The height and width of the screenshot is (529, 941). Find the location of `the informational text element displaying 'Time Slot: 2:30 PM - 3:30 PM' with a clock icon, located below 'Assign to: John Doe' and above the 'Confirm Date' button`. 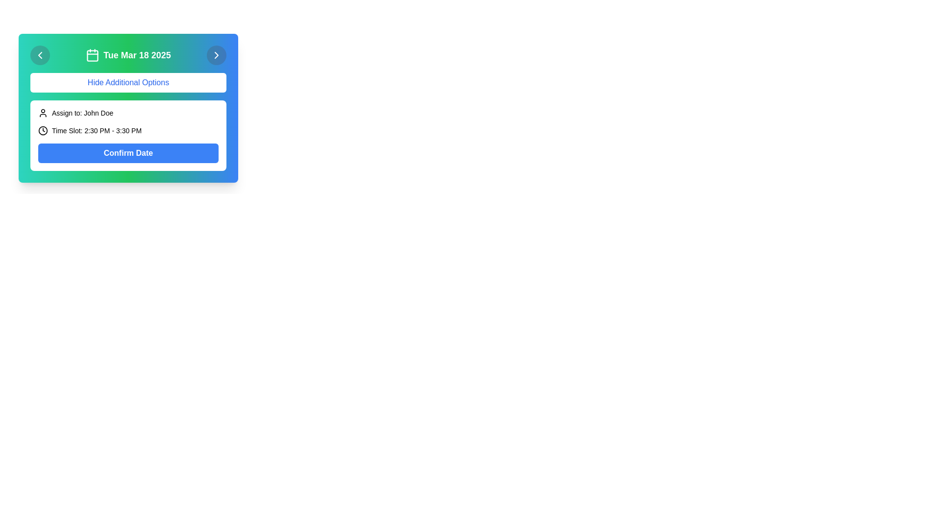

the informational text element displaying 'Time Slot: 2:30 PM - 3:30 PM' with a clock icon, located below 'Assign to: John Doe' and above the 'Confirm Date' button is located at coordinates (128, 130).